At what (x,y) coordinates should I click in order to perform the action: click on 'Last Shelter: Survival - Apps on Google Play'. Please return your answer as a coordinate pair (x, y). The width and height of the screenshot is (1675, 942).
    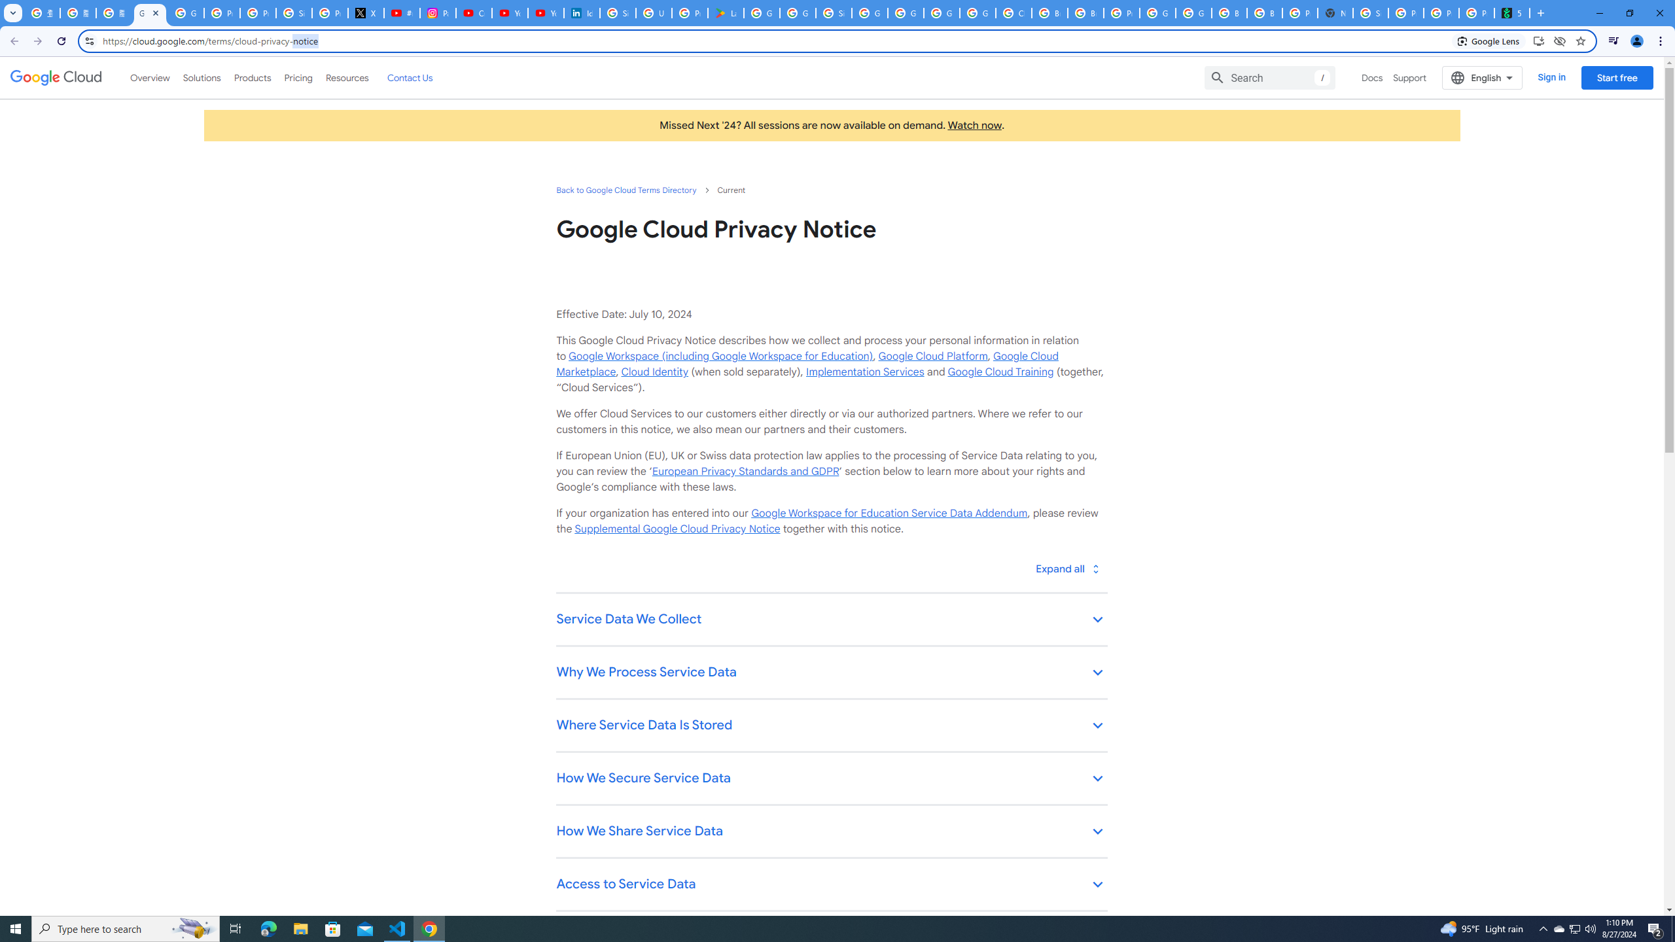
    Looking at the image, I should click on (725, 12).